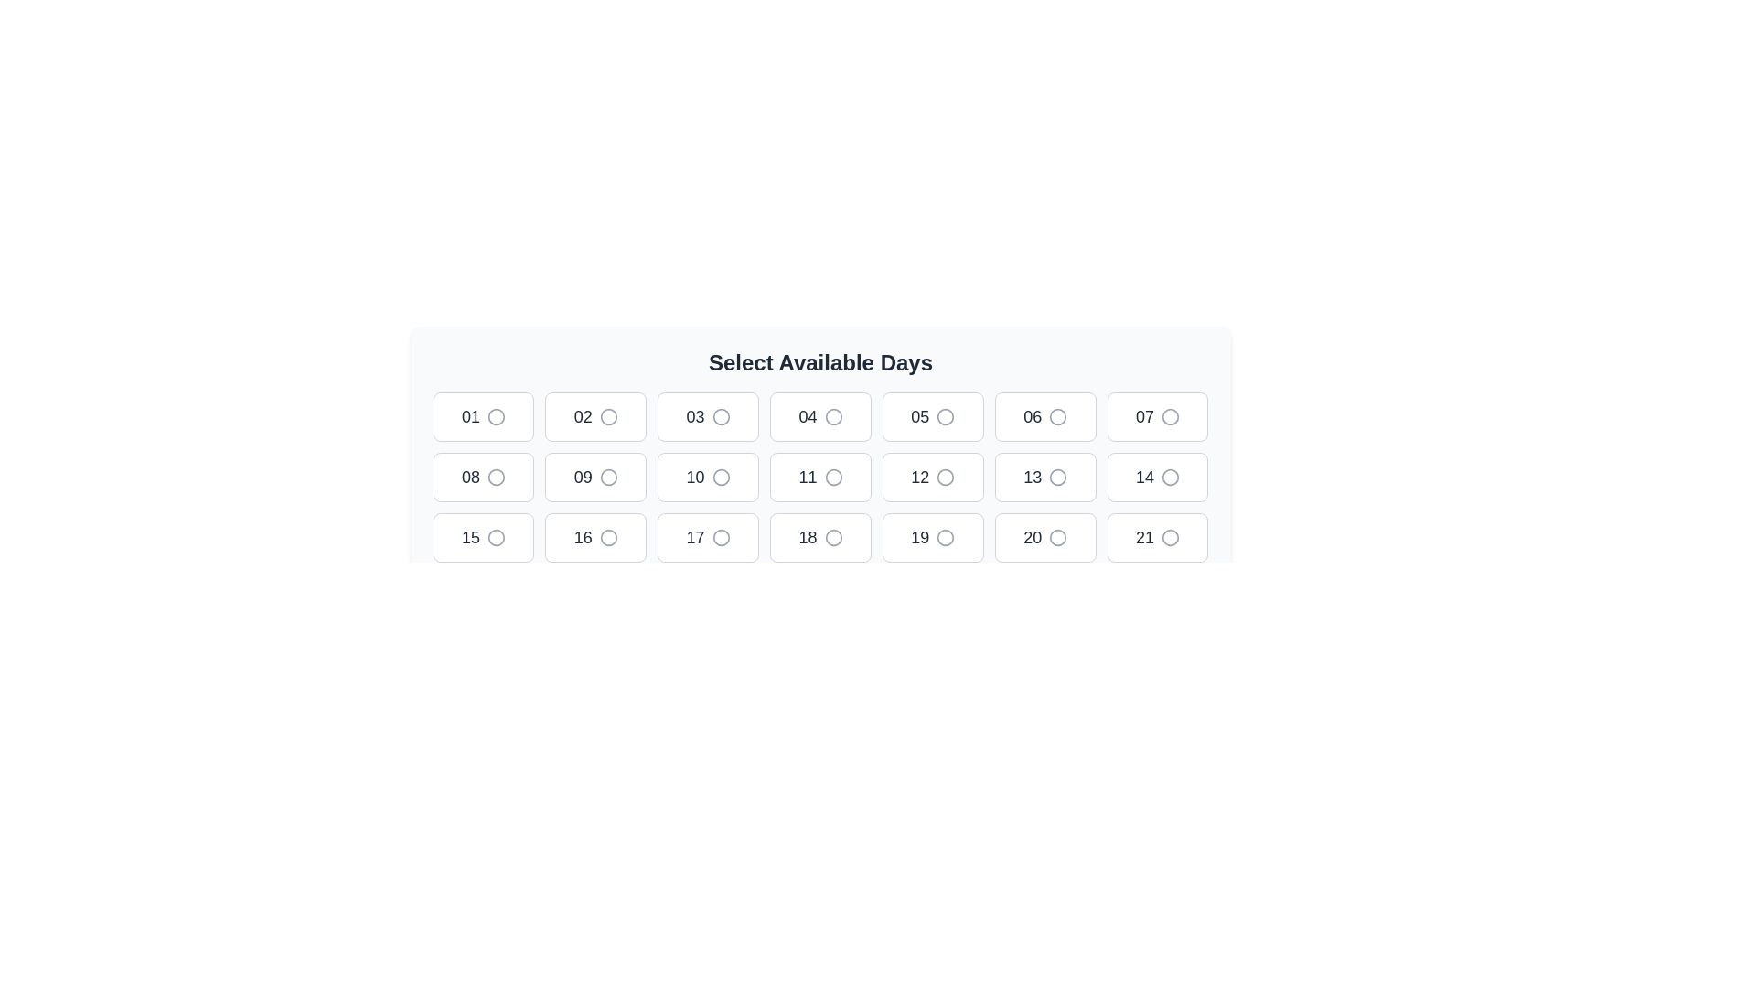 This screenshot has width=1756, height=988. What do you see at coordinates (483, 416) in the screenshot?
I see `the first button` at bounding box center [483, 416].